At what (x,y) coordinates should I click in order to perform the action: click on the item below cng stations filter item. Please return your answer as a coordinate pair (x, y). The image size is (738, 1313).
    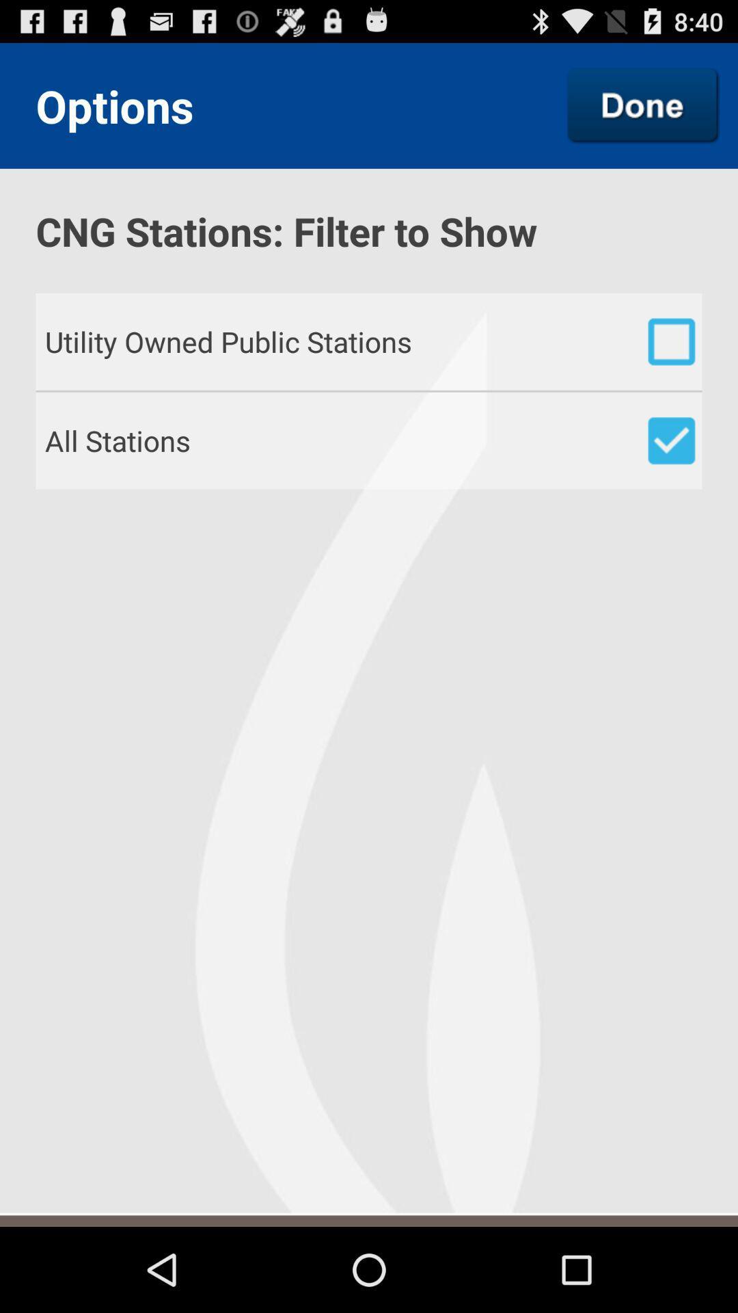
    Looking at the image, I should click on (369, 302).